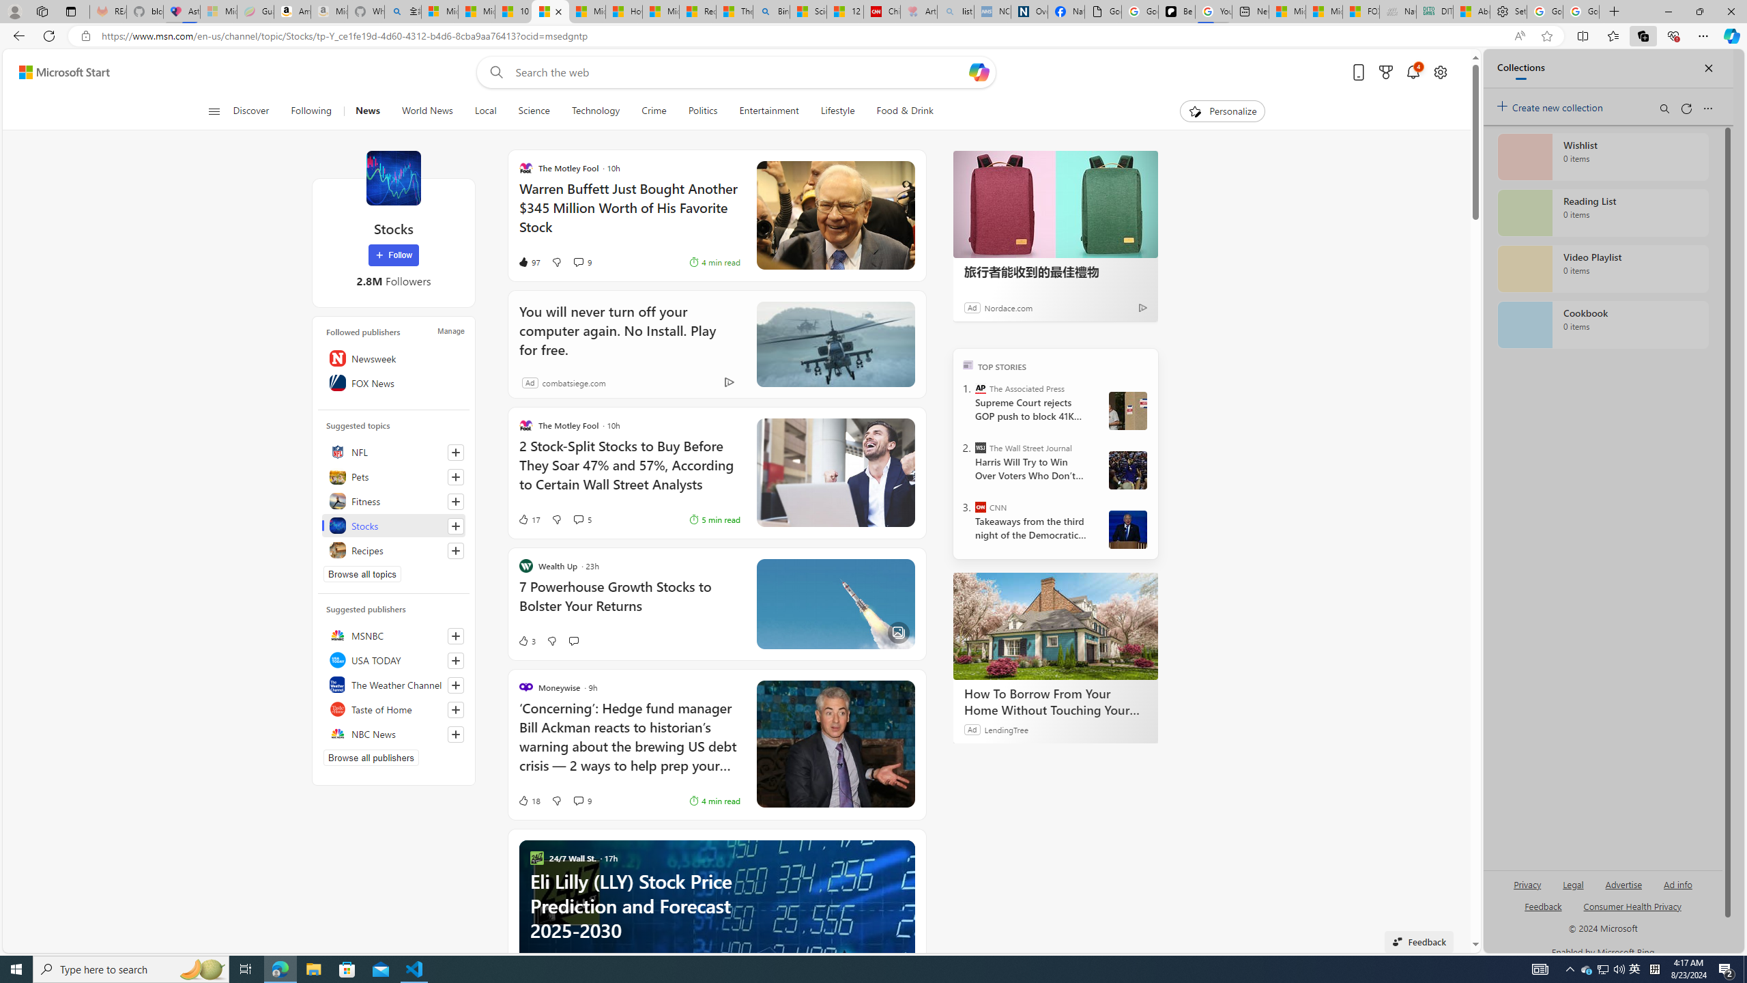 The height and width of the screenshot is (983, 1747). I want to click on 'To get missing image descriptions, open the context menu.', so click(1194, 110).